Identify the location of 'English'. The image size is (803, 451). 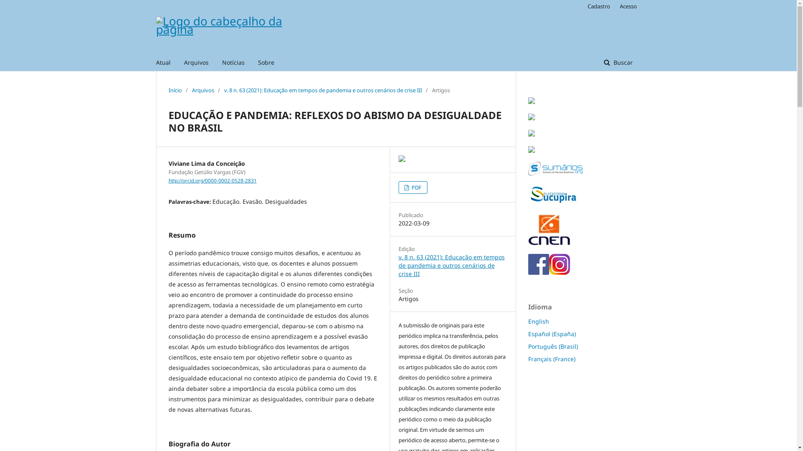
(538, 321).